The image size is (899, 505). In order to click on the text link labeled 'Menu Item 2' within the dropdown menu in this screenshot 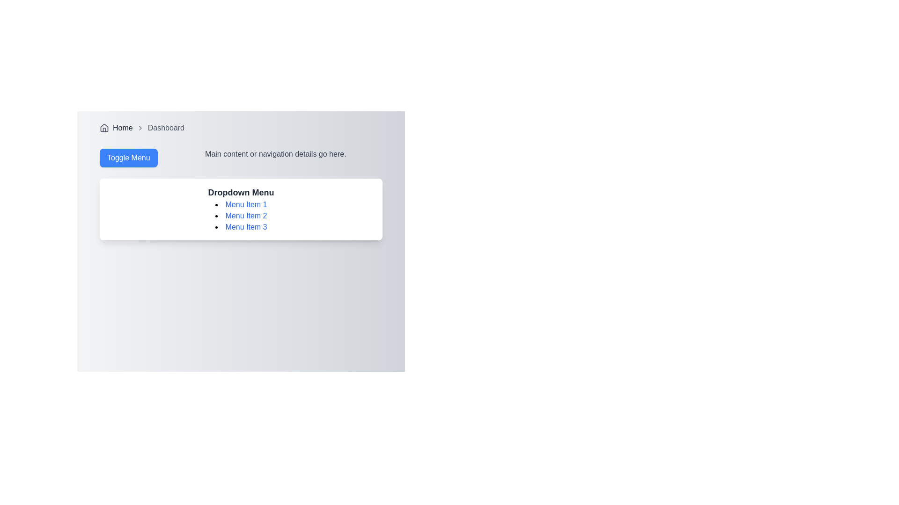, I will do `click(241, 216)`.